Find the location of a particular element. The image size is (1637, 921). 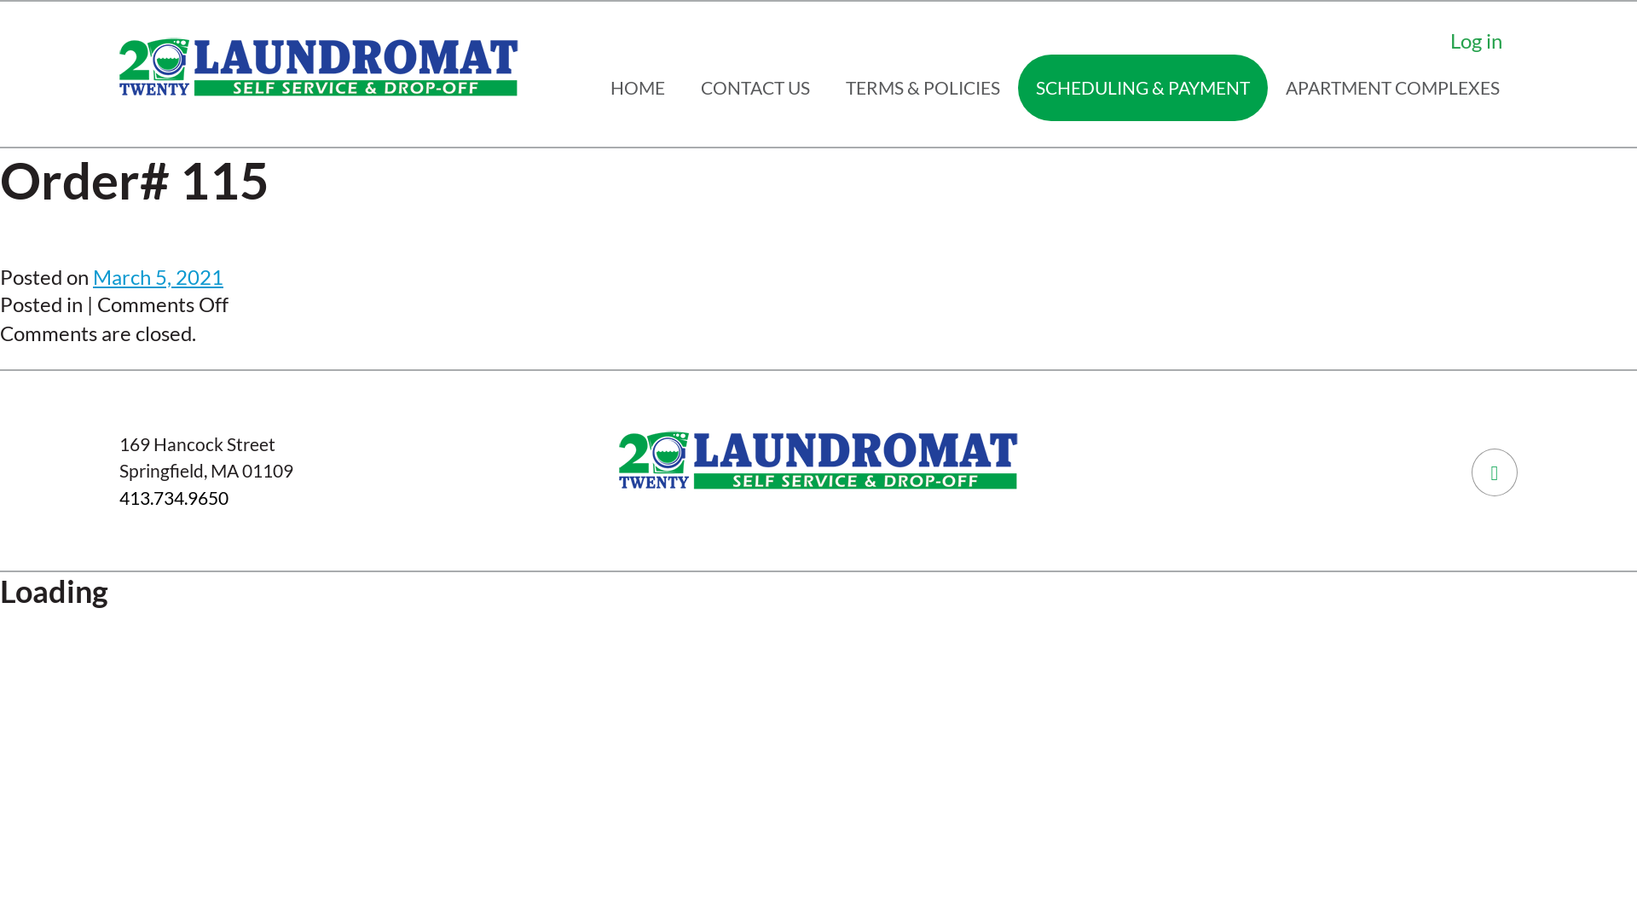

'Log in' is located at coordinates (1475, 39).